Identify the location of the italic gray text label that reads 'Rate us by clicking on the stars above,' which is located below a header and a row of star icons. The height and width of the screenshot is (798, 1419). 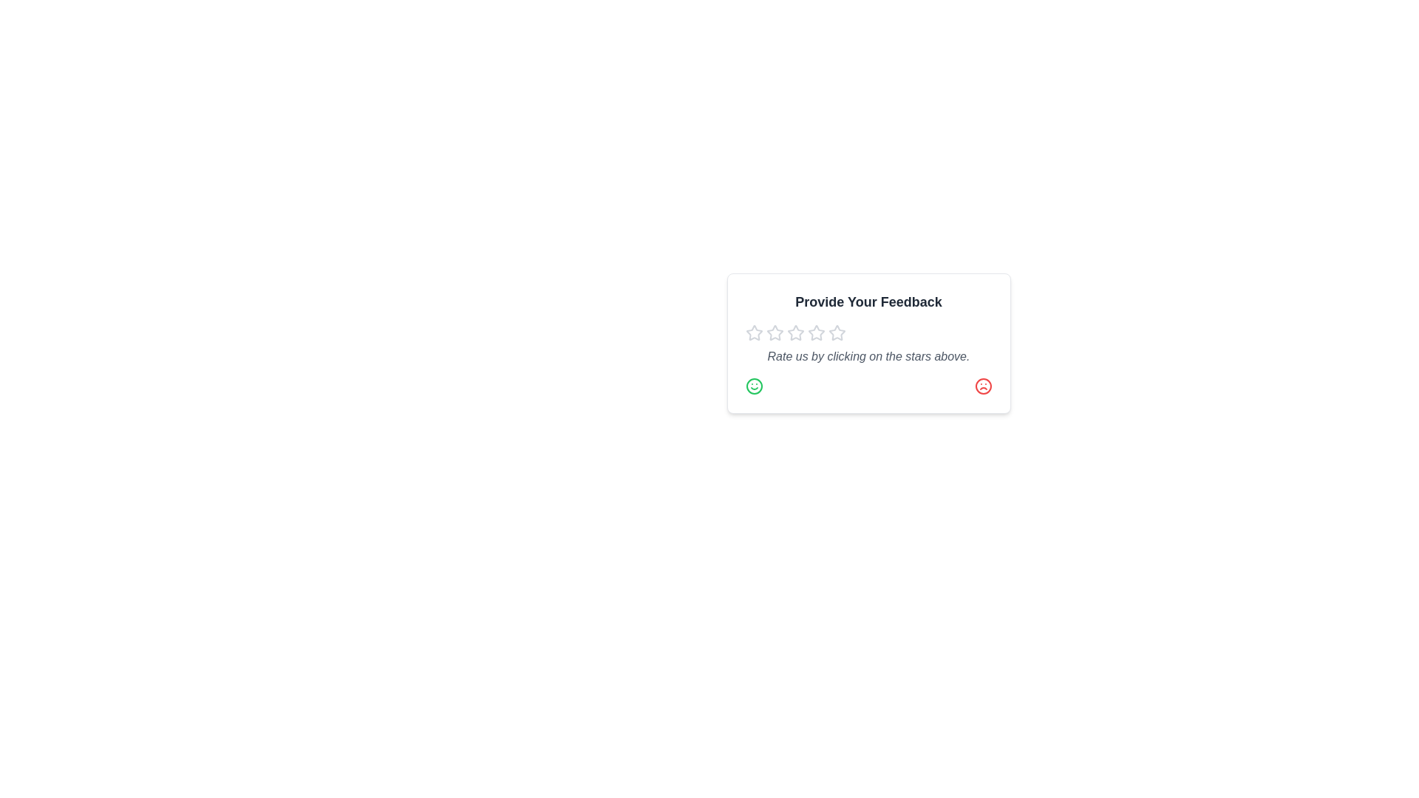
(868, 356).